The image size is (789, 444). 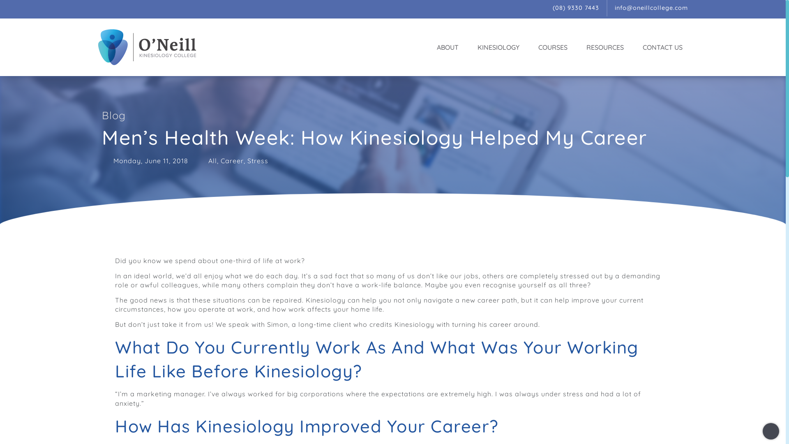 I want to click on 'RESOURCES', so click(x=607, y=47).